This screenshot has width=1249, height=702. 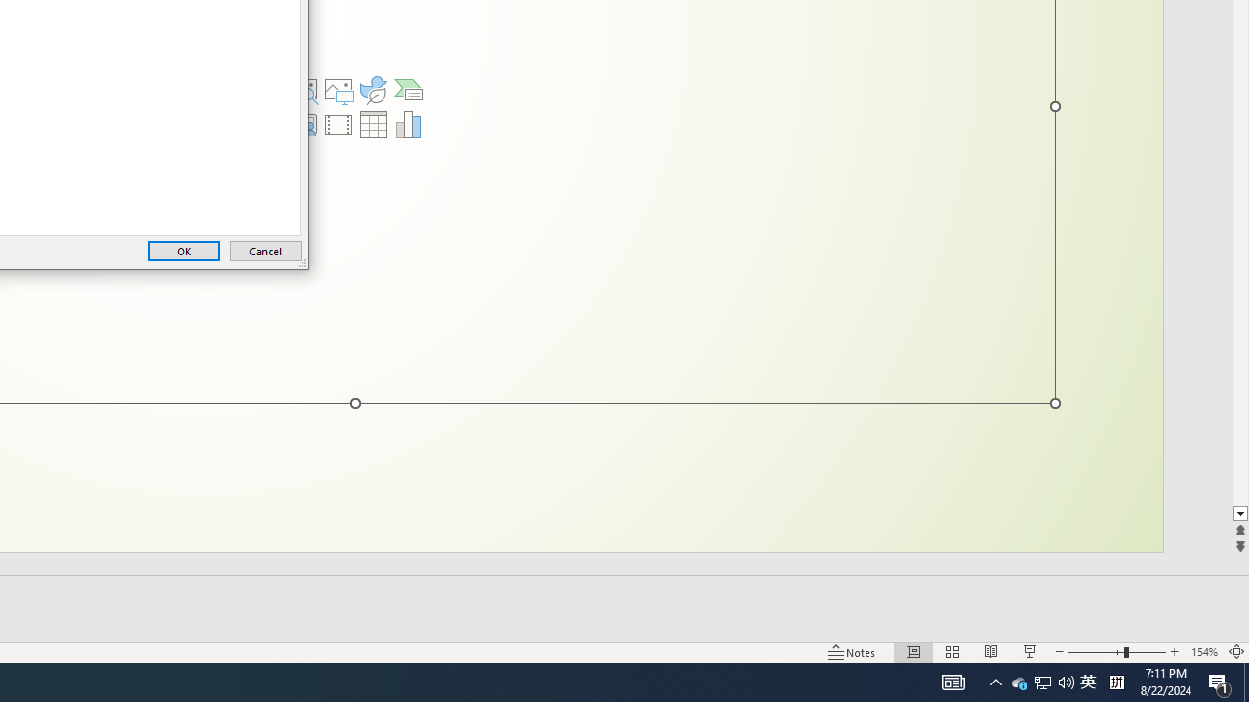 What do you see at coordinates (408, 90) in the screenshot?
I see `'Insert a SmartArt Graphic'` at bounding box center [408, 90].